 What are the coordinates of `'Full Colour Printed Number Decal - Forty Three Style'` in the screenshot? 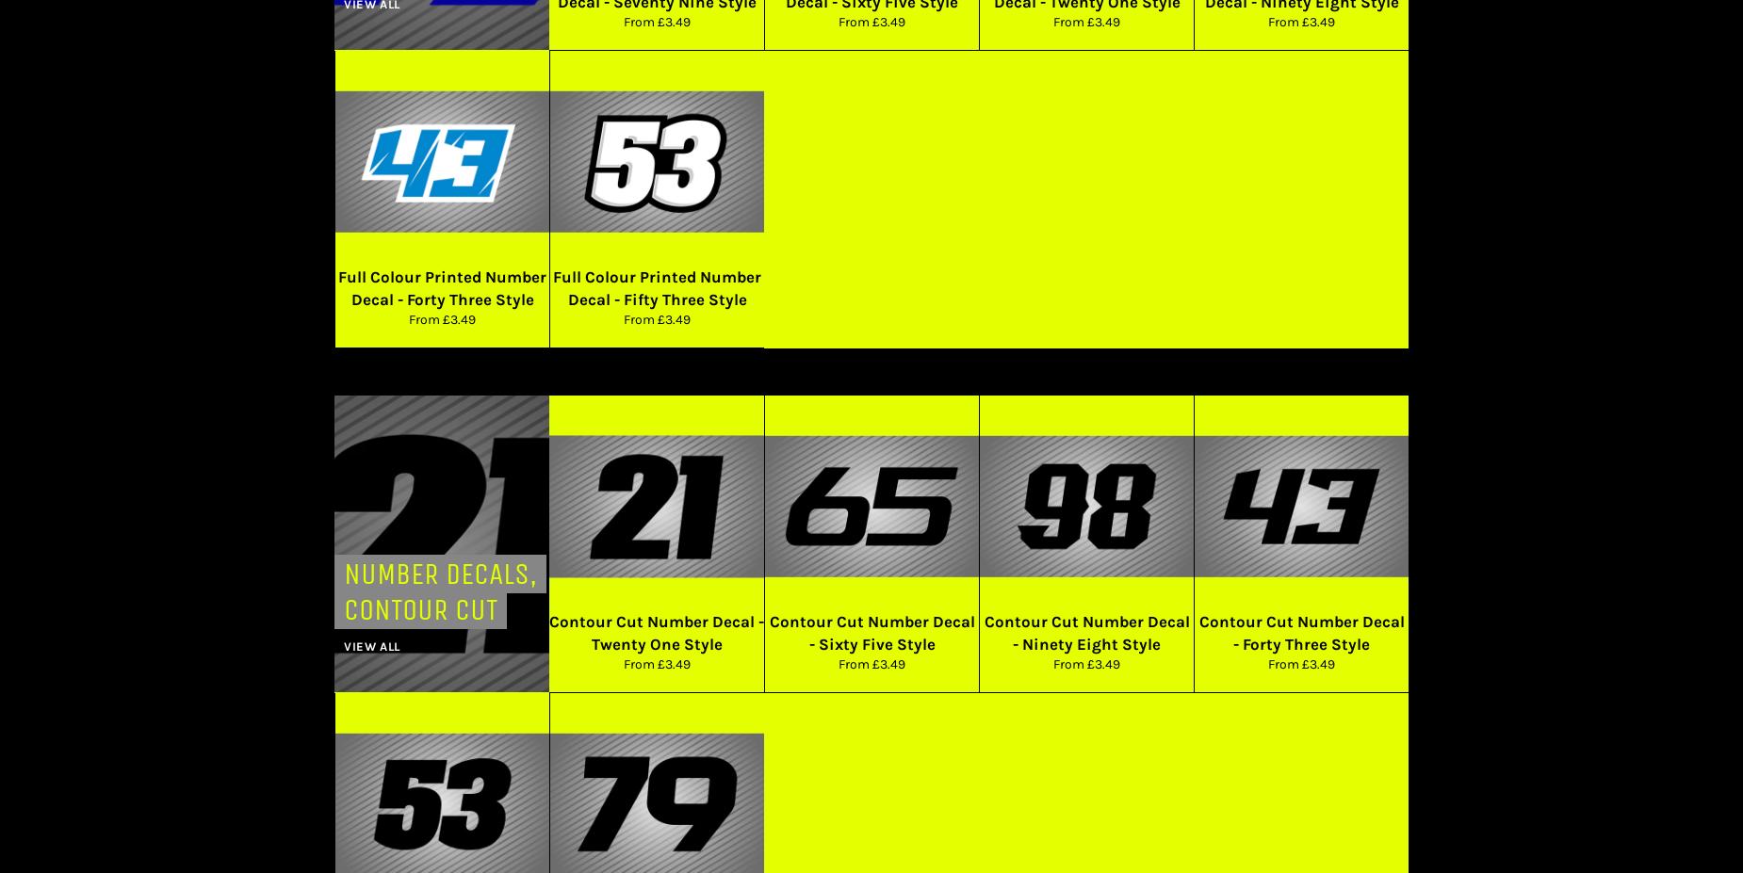 It's located at (442, 287).